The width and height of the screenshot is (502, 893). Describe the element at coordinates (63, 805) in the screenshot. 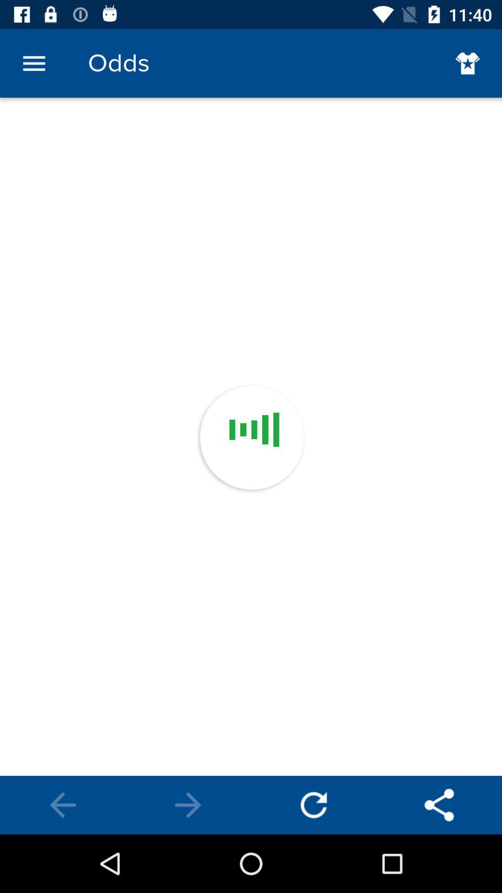

I see `previous screen` at that location.